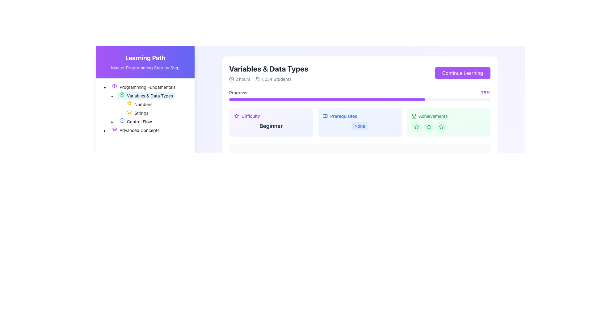 Image resolution: width=593 pixels, height=333 pixels. What do you see at coordinates (105, 121) in the screenshot?
I see `the graphical spacer or indentation marker located in the left sidebar, which indicates the level of indentation in the 'Control Flow' list item` at bounding box center [105, 121].